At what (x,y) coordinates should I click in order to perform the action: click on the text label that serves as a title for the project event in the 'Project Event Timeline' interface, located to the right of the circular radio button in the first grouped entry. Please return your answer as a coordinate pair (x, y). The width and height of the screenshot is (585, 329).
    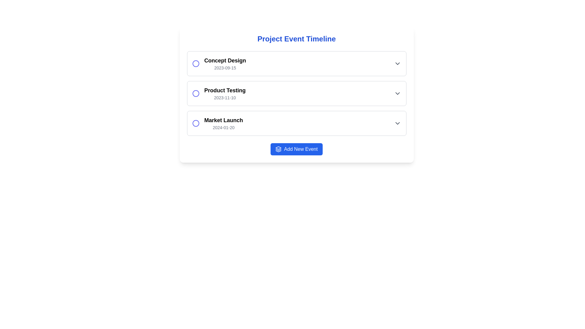
    Looking at the image, I should click on (225, 61).